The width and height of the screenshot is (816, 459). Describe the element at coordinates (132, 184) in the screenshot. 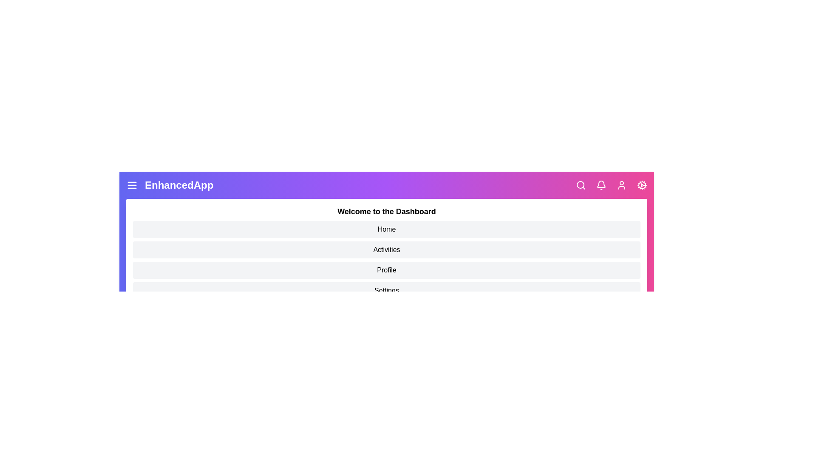

I see `the menu icon to toggle the menu panel` at that location.